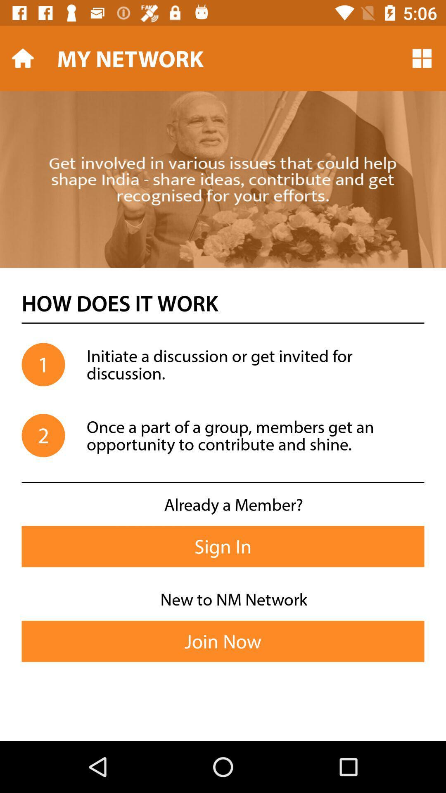 Image resolution: width=446 pixels, height=793 pixels. Describe the element at coordinates (223, 546) in the screenshot. I see `the sign in` at that location.